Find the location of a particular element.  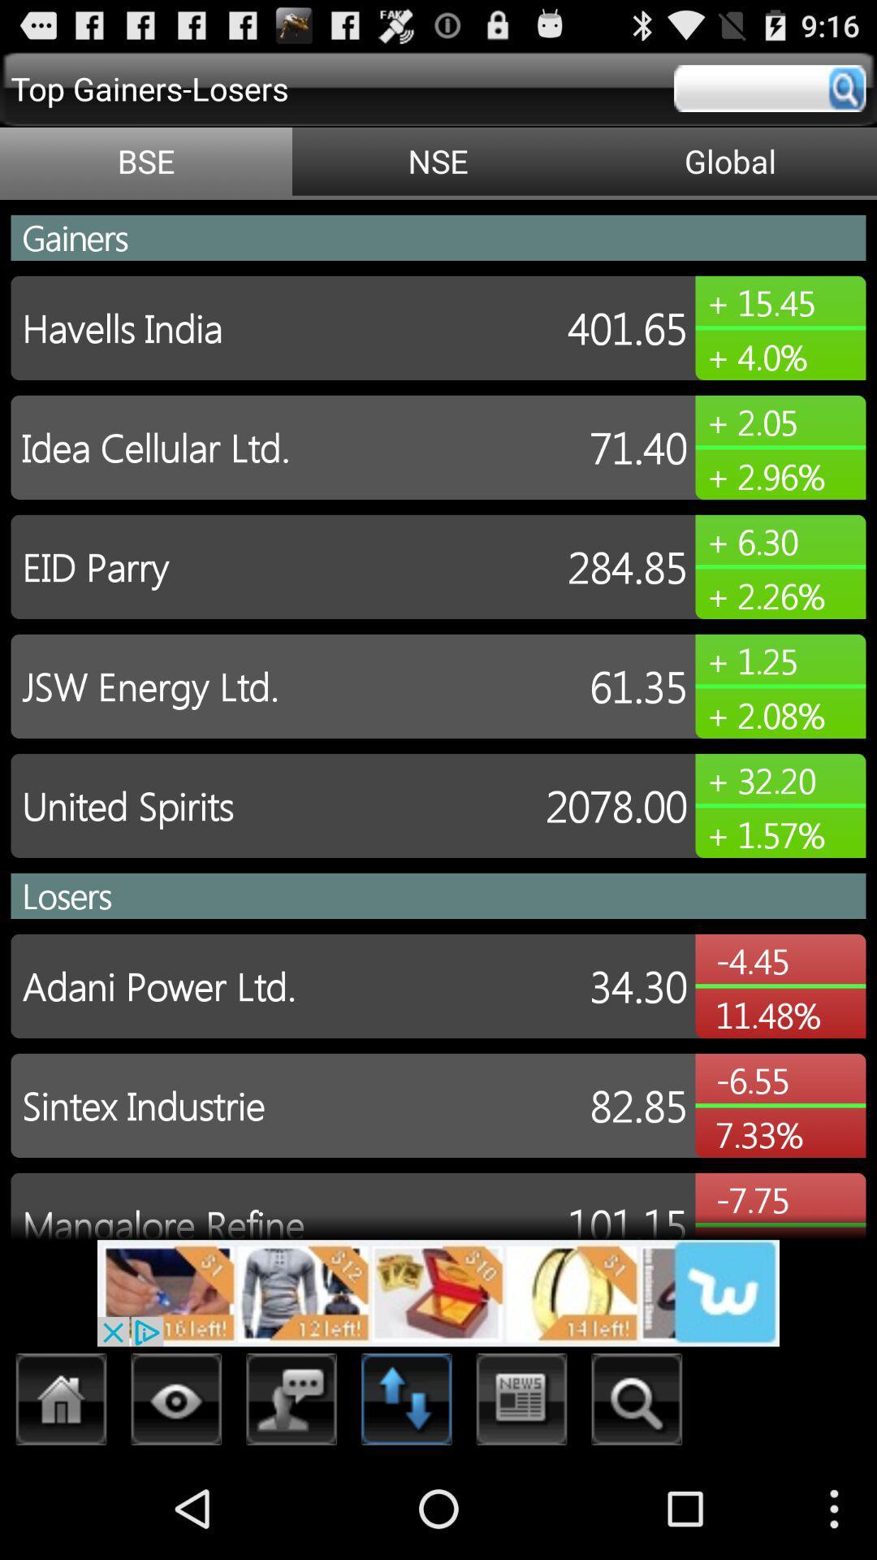

advertisement is located at coordinates (438, 1292).